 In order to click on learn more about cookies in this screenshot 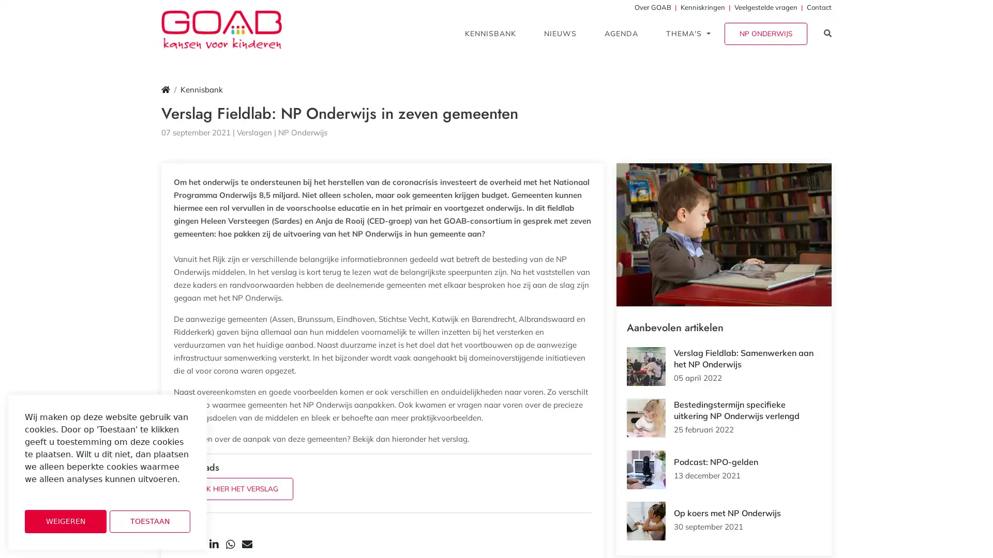, I will do `click(52, 493)`.